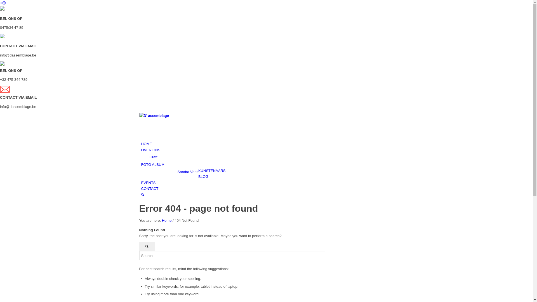 The width and height of the screenshot is (537, 302). Describe the element at coordinates (149, 188) in the screenshot. I see `'CONTACT'` at that location.